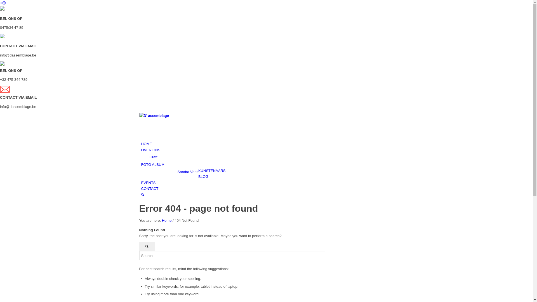 The width and height of the screenshot is (537, 302). Describe the element at coordinates (149, 188) in the screenshot. I see `'CONTACT'` at that location.